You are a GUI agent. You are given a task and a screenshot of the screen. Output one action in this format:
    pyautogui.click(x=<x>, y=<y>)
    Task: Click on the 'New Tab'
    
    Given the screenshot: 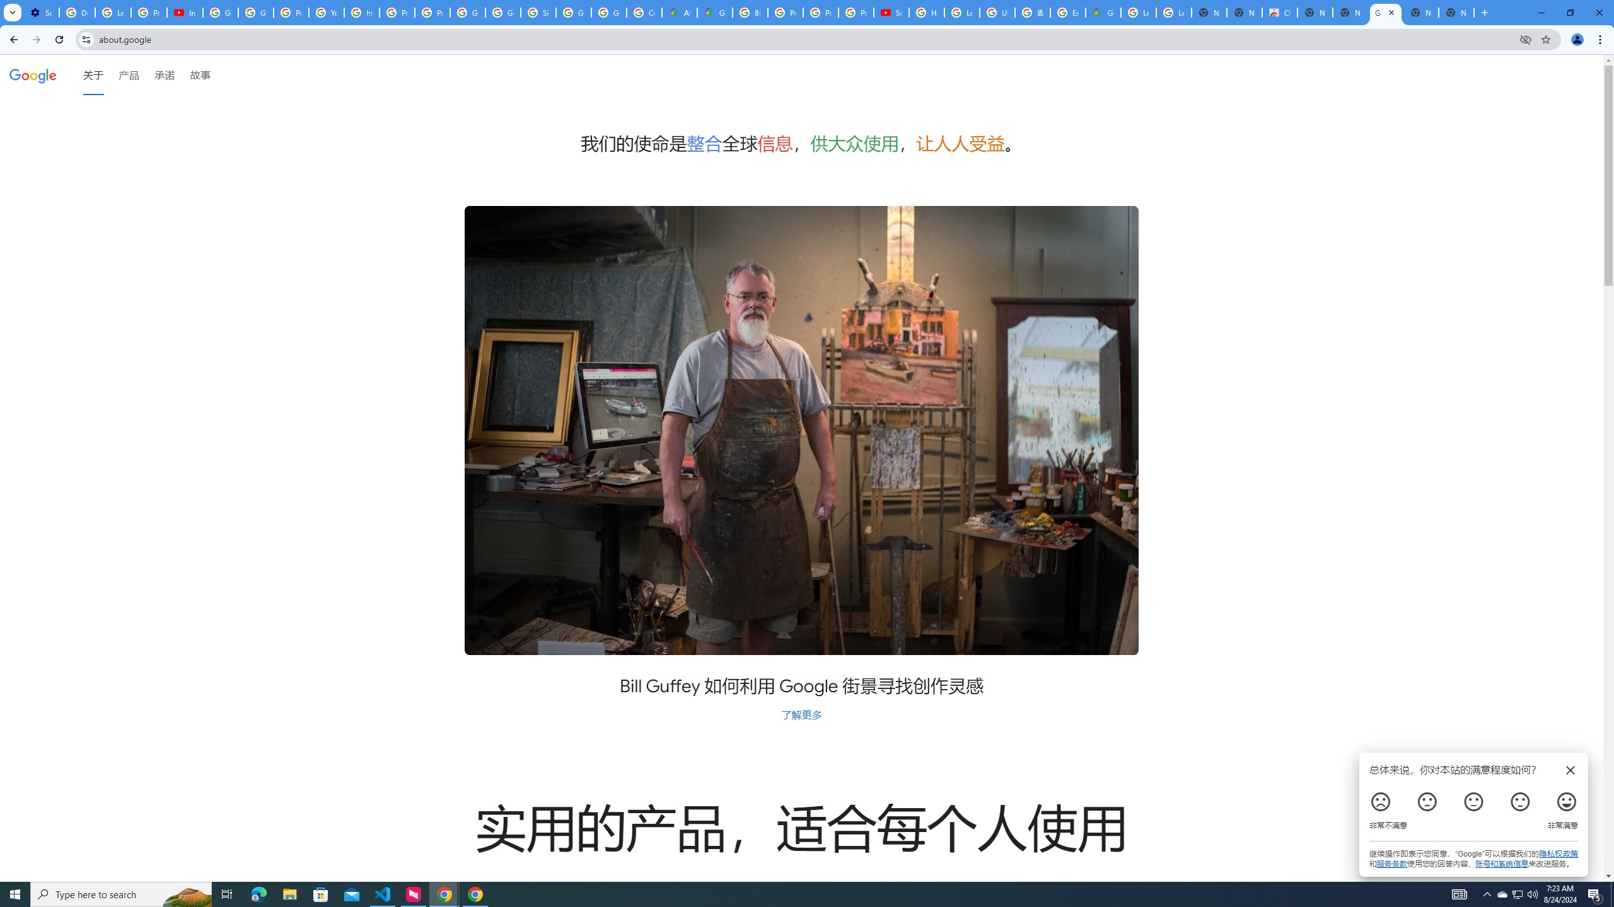 What is the action you would take?
    pyautogui.click(x=1456, y=12)
    